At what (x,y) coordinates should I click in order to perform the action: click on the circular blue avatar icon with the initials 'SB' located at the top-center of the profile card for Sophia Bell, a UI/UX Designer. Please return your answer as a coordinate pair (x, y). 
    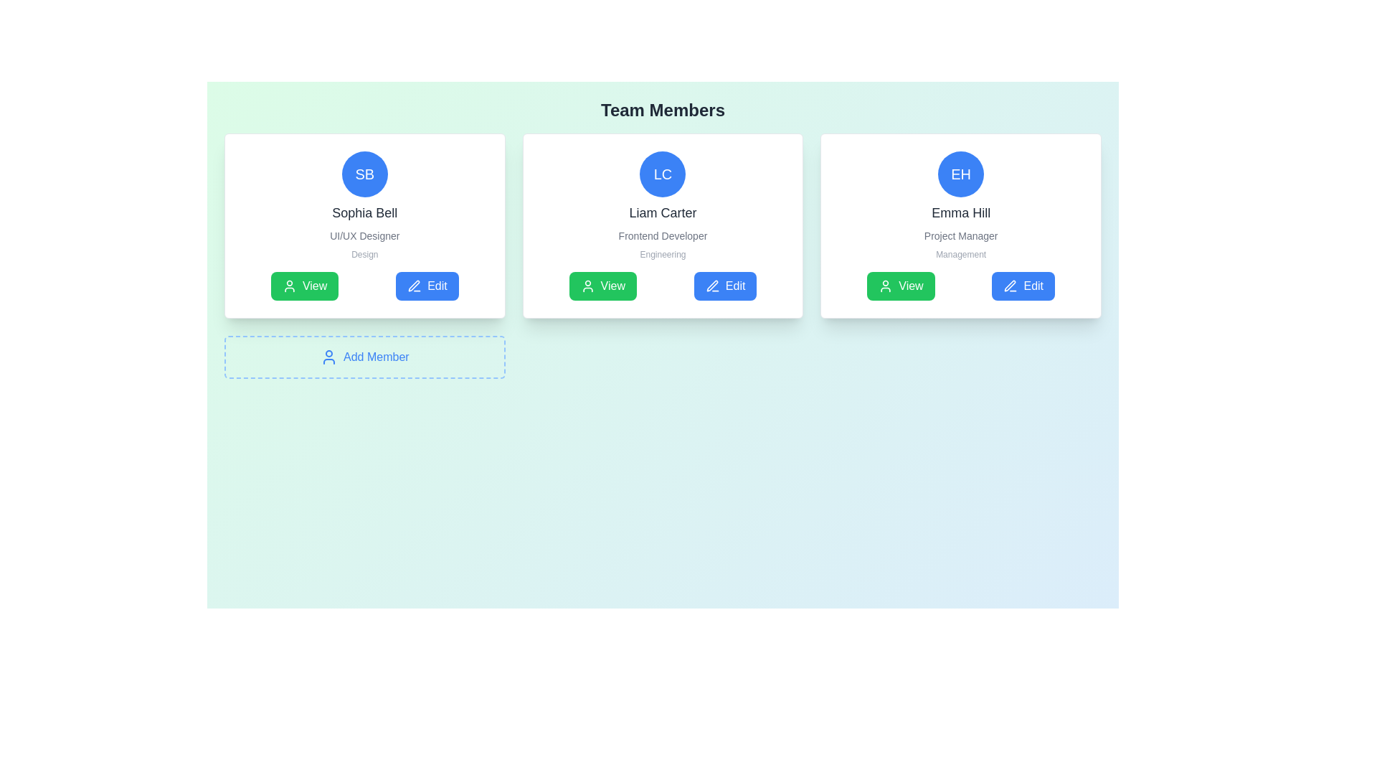
    Looking at the image, I should click on (364, 174).